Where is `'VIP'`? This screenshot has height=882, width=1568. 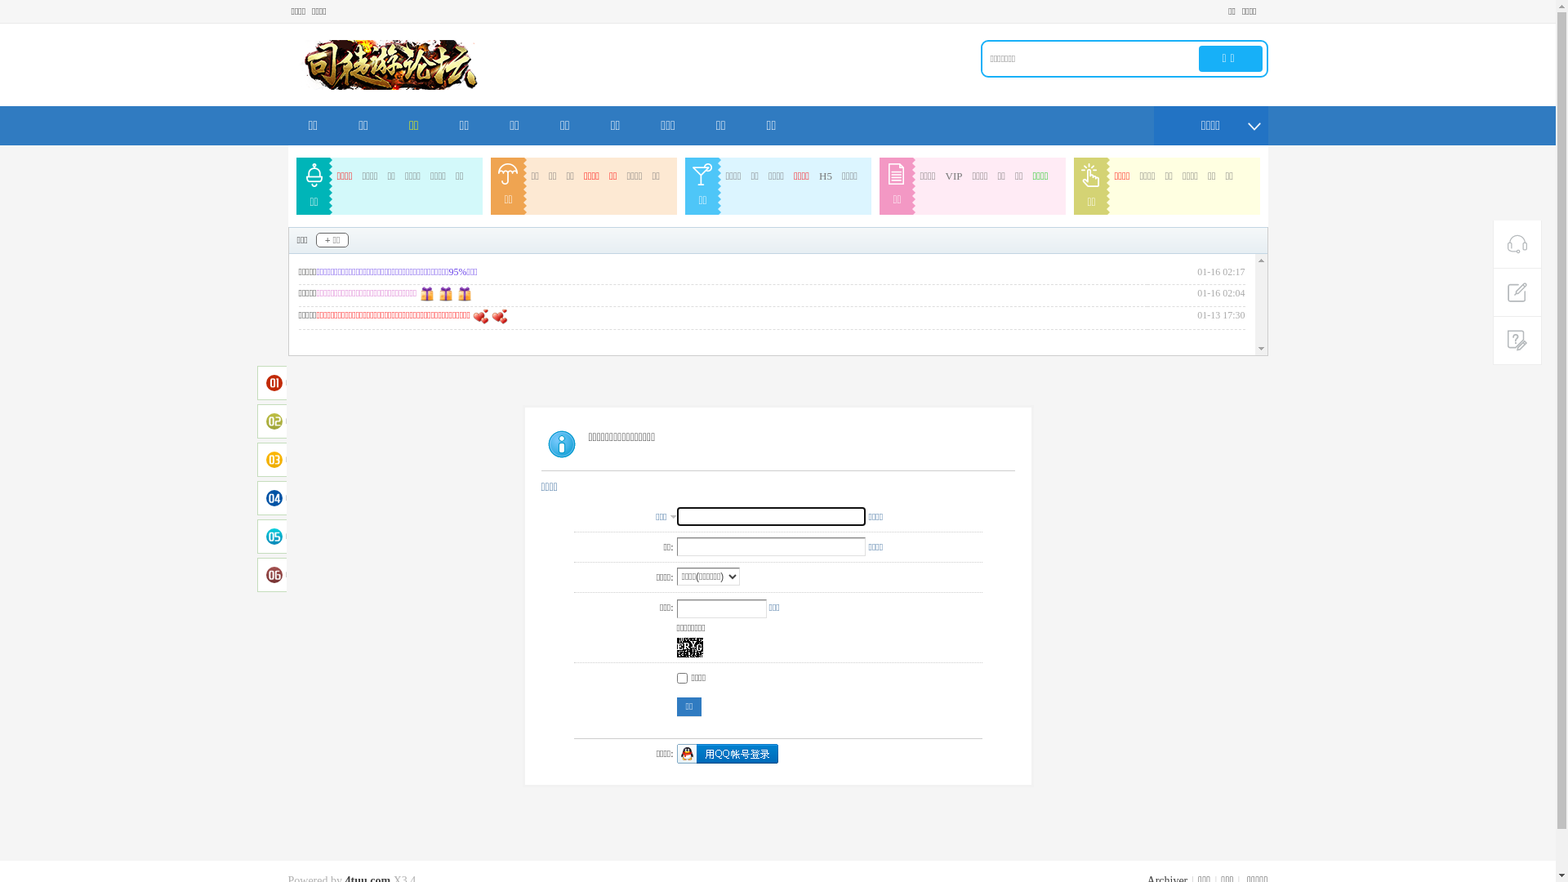 'VIP' is located at coordinates (954, 176).